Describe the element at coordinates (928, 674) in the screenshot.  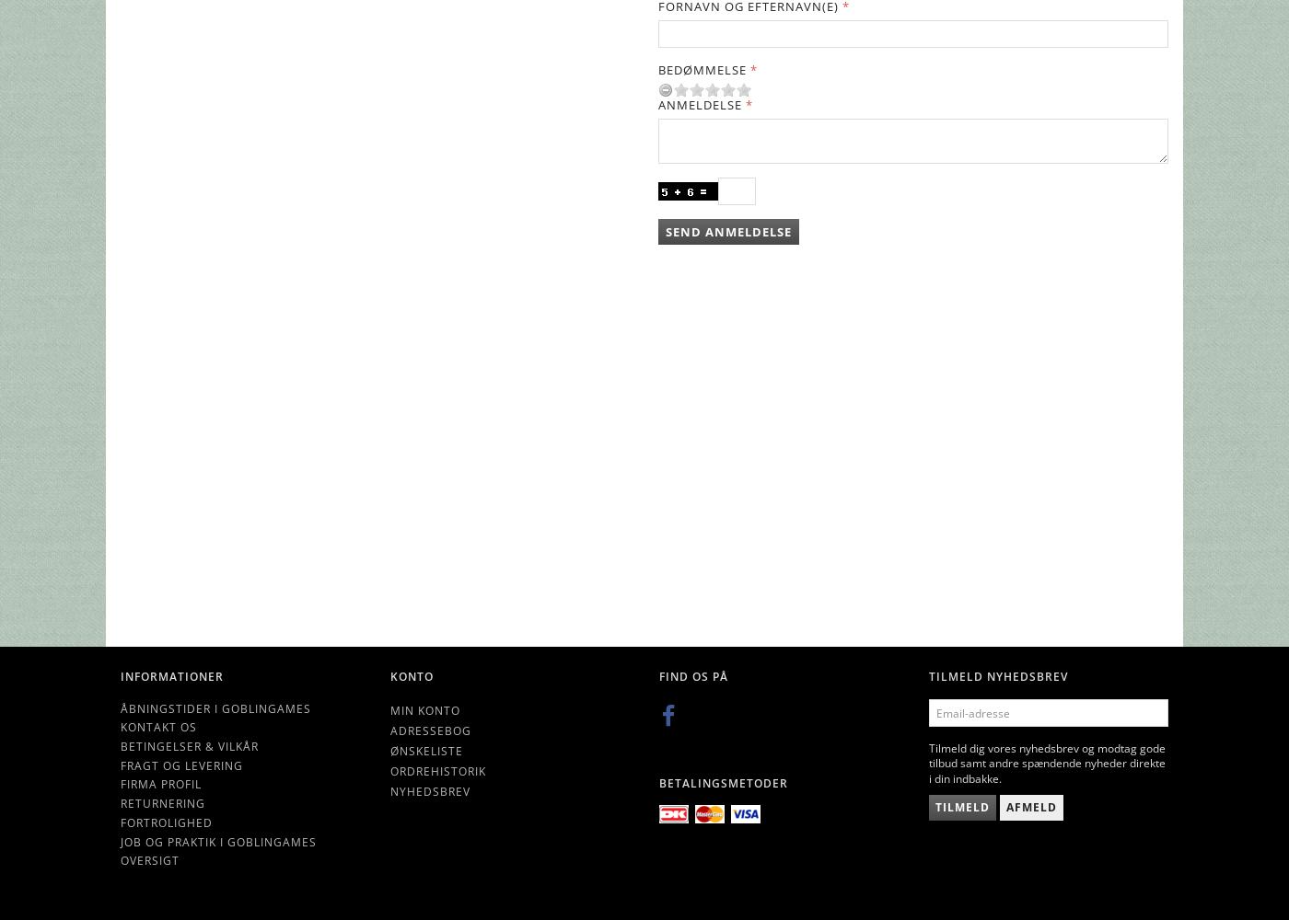
I see `'Tilmeld nyhedsbrev'` at that location.